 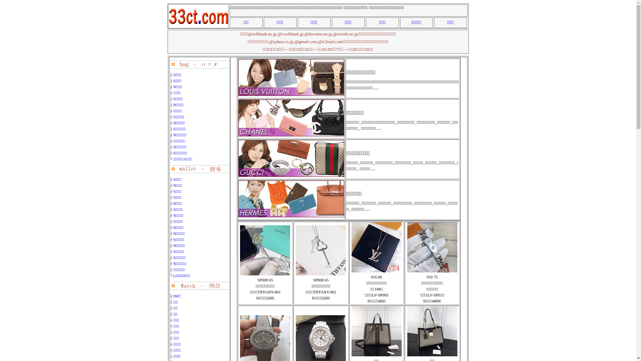 I want to click on 'IWC', so click(x=177, y=296).